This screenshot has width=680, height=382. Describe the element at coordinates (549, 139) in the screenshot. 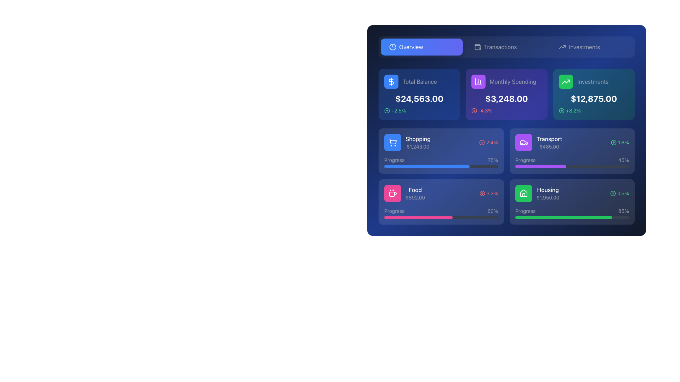

I see `the 'Transport' text label displayed in white font against a purple background, located at the top of the purple card labeled 'Transport $485.00'` at that location.